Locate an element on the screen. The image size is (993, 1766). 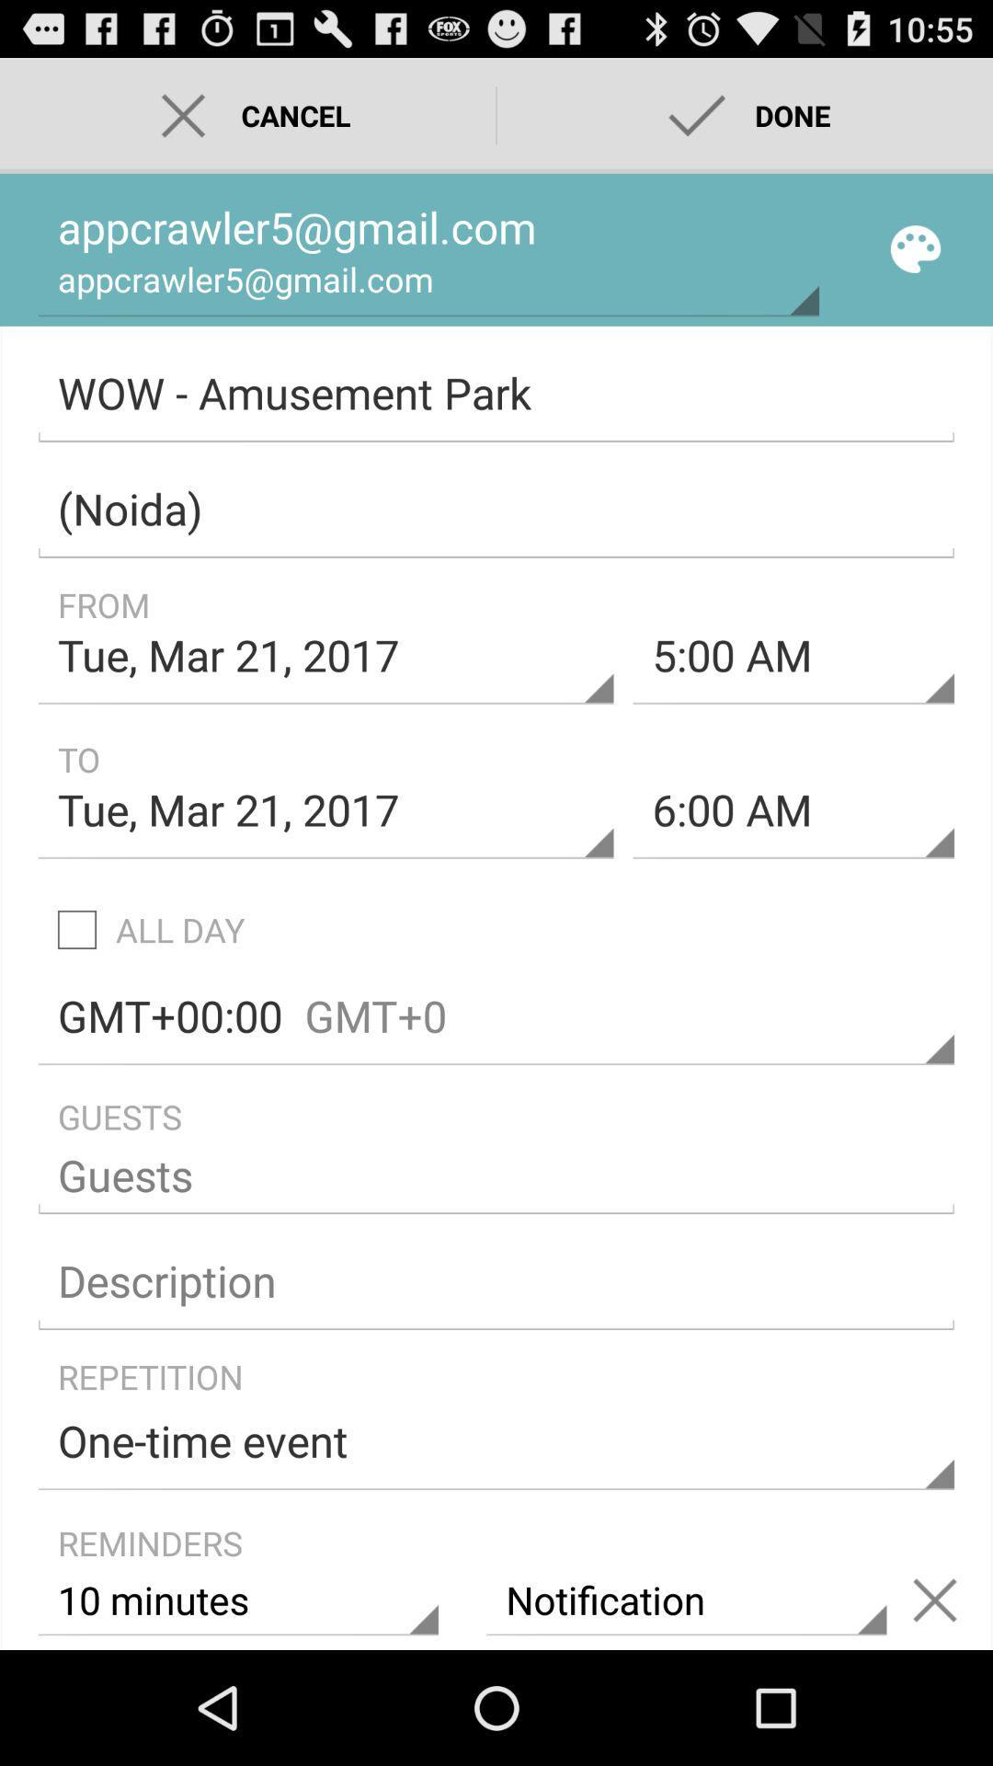
the close icon is located at coordinates (935, 1712).